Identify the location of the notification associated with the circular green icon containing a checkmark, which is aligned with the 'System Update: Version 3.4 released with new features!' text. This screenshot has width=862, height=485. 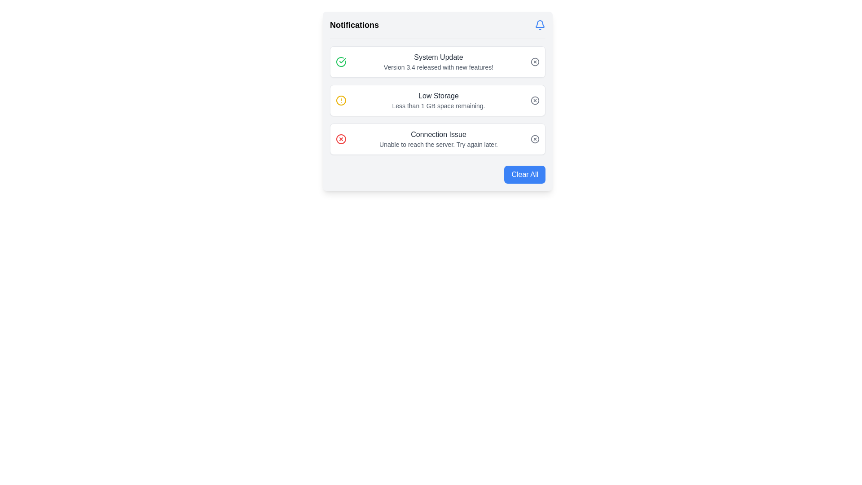
(340, 62).